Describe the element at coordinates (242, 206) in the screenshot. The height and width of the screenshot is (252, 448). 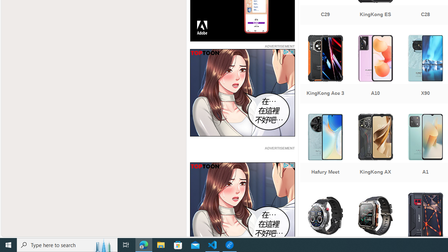
I see `'To get missing image descriptions, open the context menu.'` at that location.